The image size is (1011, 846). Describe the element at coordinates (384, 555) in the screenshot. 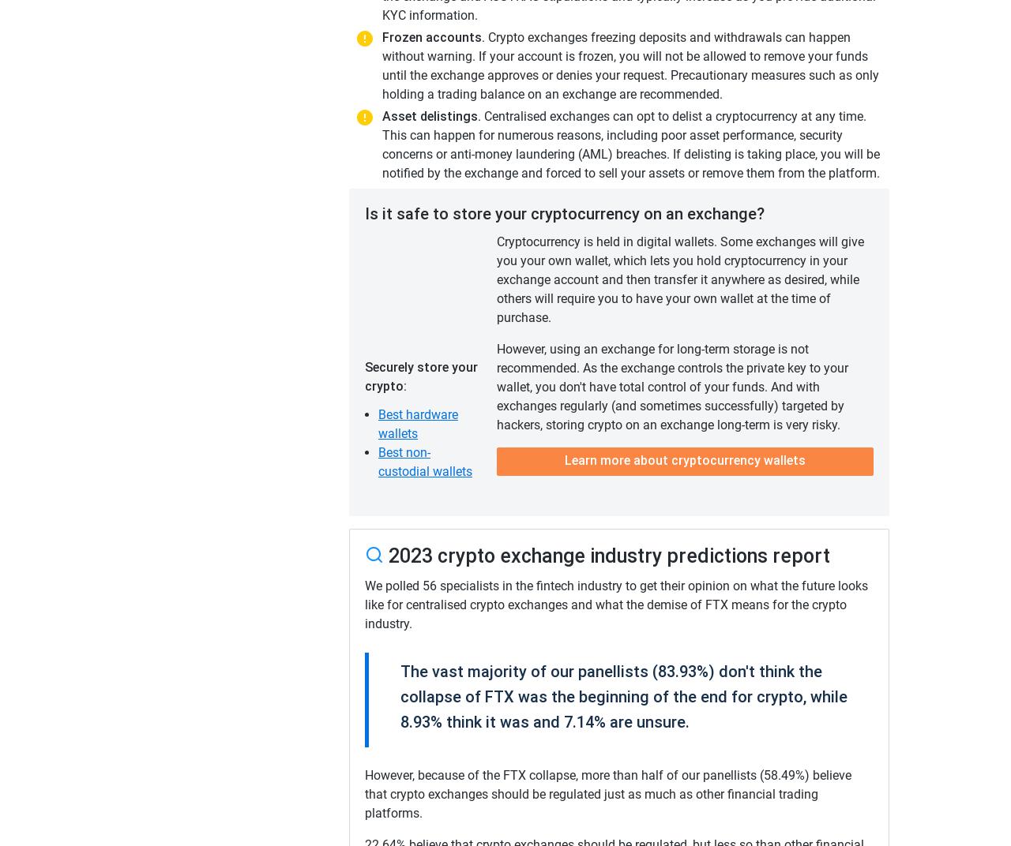

I see `'2023 crypto exchange industry predictions report'` at that location.